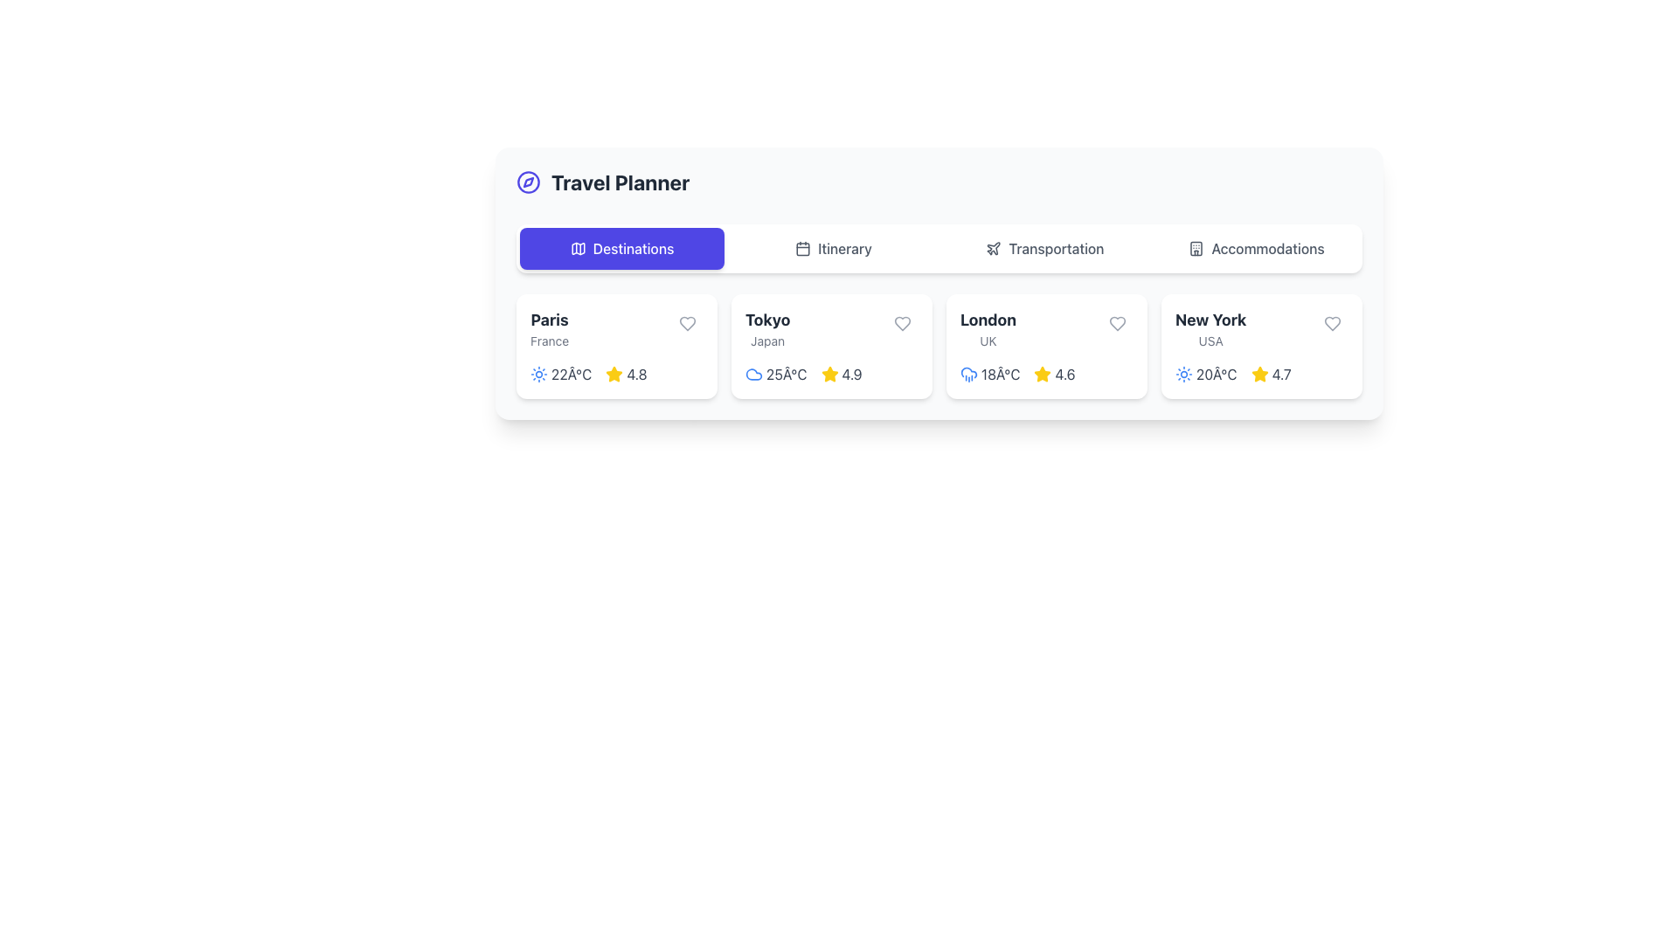 This screenshot has height=943, width=1678. What do you see at coordinates (775, 373) in the screenshot?
I see `temperature information displayed as '25°C' next to the blue cloud icon in the lower-left part of the 'Tokyo' card in the 'Destinations' section` at bounding box center [775, 373].